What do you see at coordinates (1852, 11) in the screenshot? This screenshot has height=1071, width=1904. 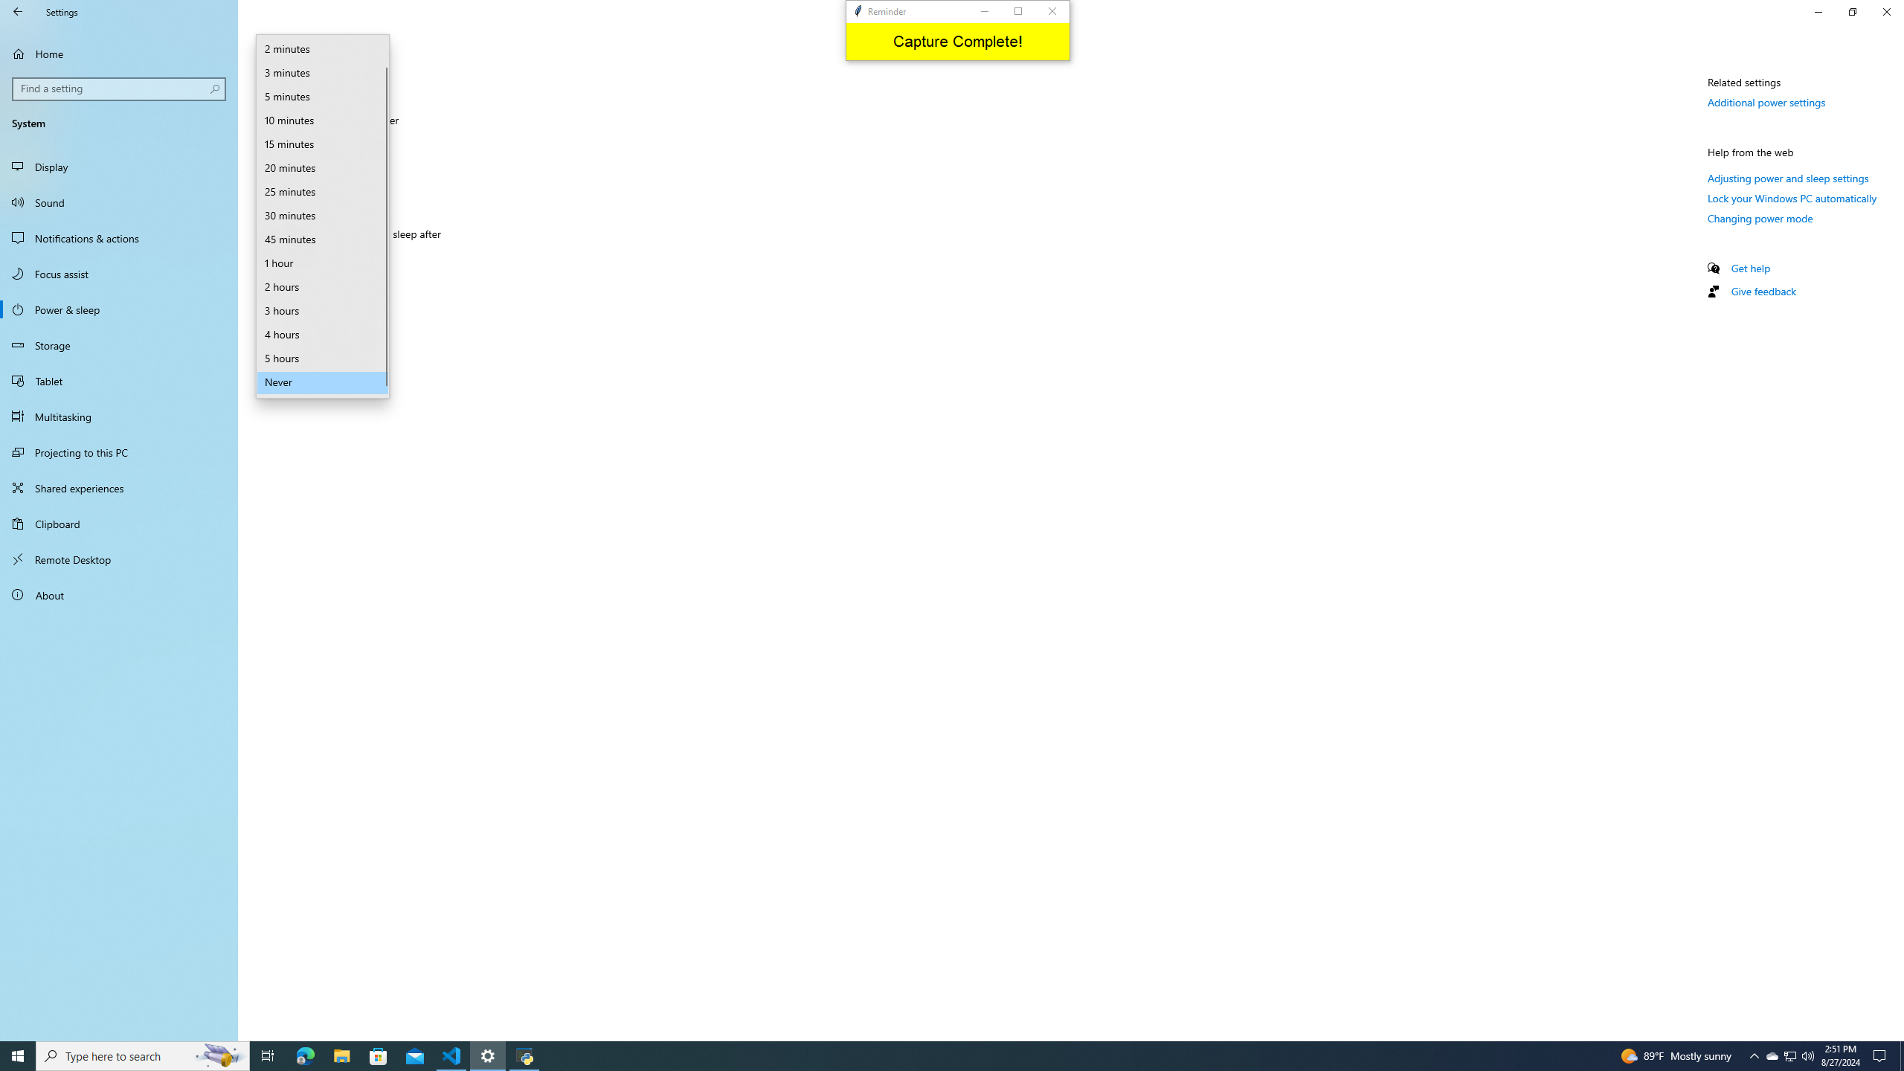 I see `'Restore Settings'` at bounding box center [1852, 11].